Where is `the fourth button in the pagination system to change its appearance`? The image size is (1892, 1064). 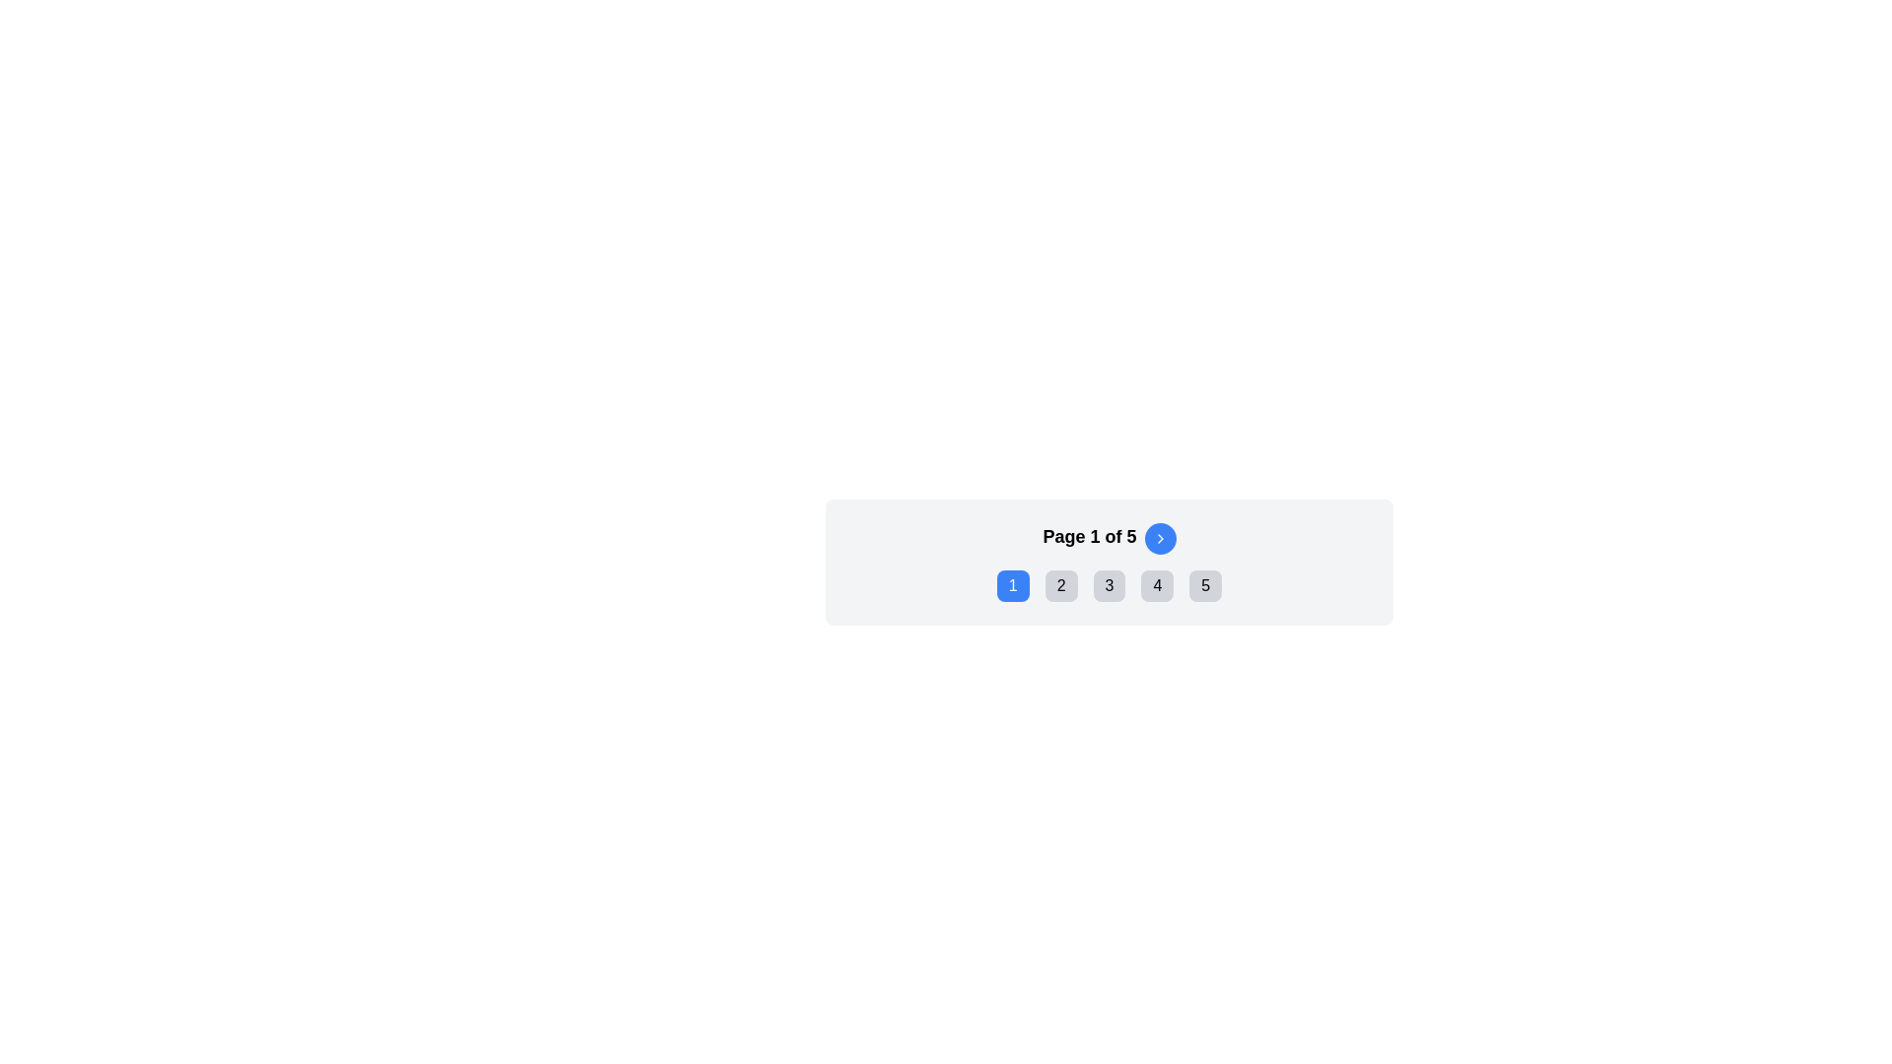
the fourth button in the pagination system to change its appearance is located at coordinates (1157, 584).